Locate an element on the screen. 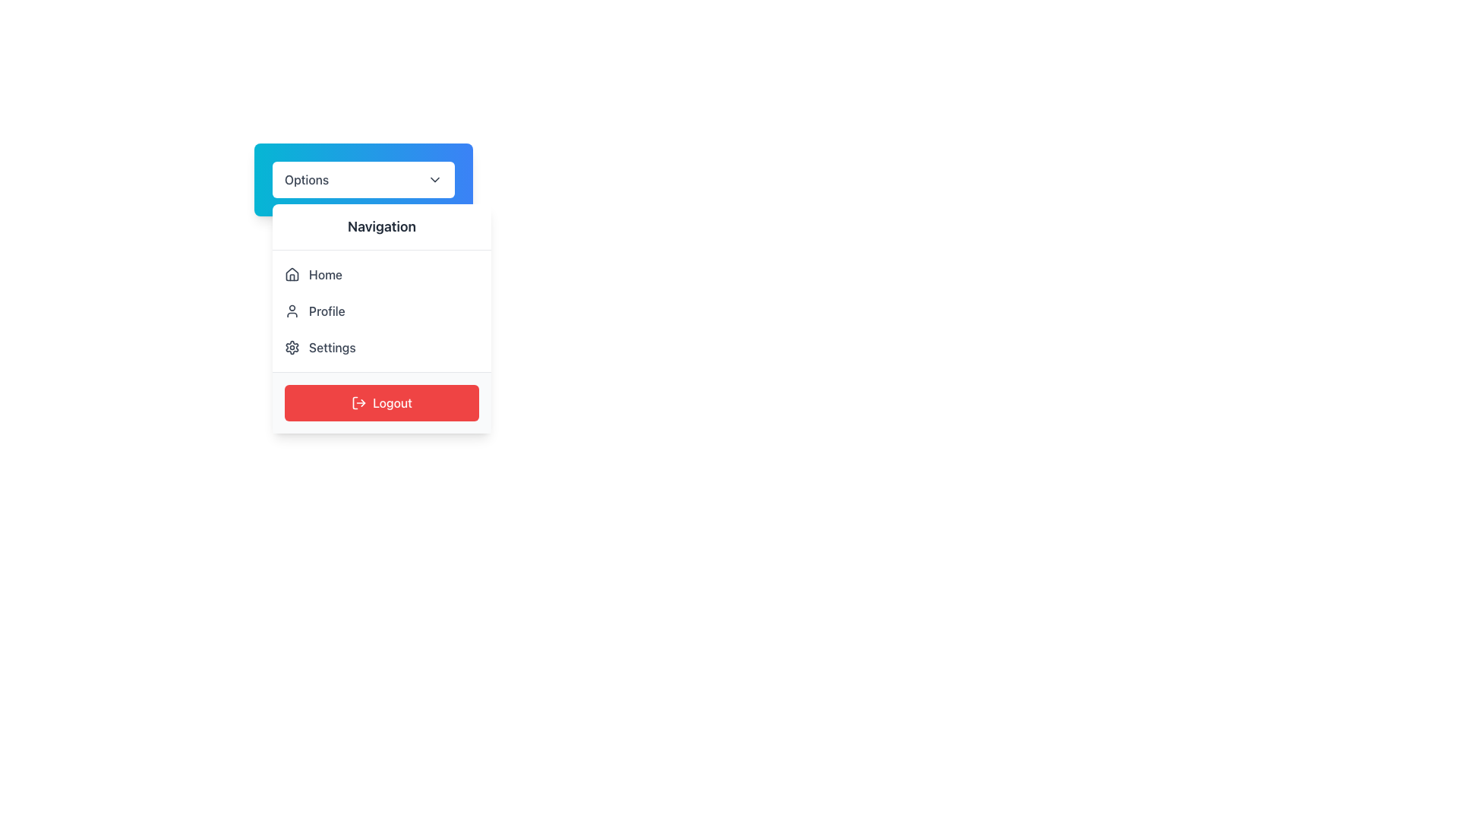  the 'Logout' button, which is a rectangular button with a red background and white text located in the dropdown menu under the 'Options' button is located at coordinates (382, 402).